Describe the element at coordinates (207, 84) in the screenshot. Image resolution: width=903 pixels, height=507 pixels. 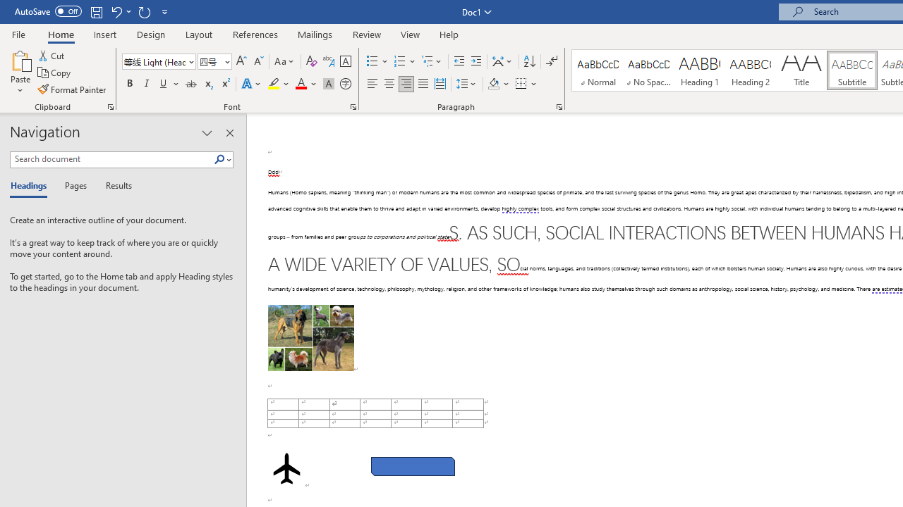
I see `'Subscript'` at that location.